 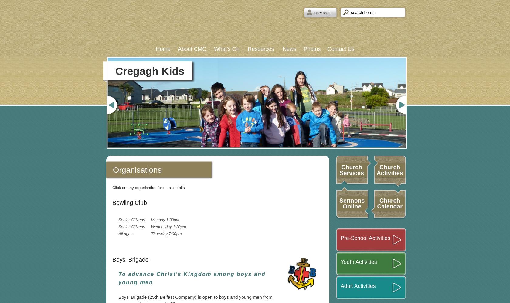 What do you see at coordinates (165, 219) in the screenshot?
I see `'Monday 1:30pm'` at bounding box center [165, 219].